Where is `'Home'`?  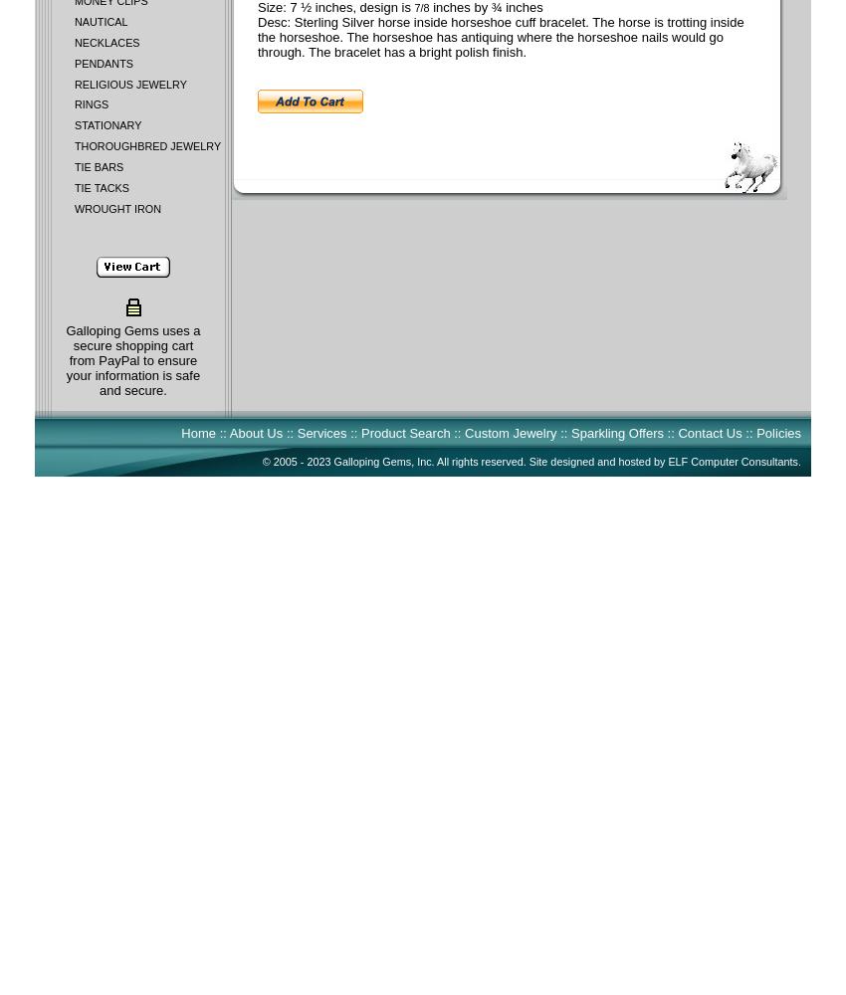
'Home' is located at coordinates (197, 433).